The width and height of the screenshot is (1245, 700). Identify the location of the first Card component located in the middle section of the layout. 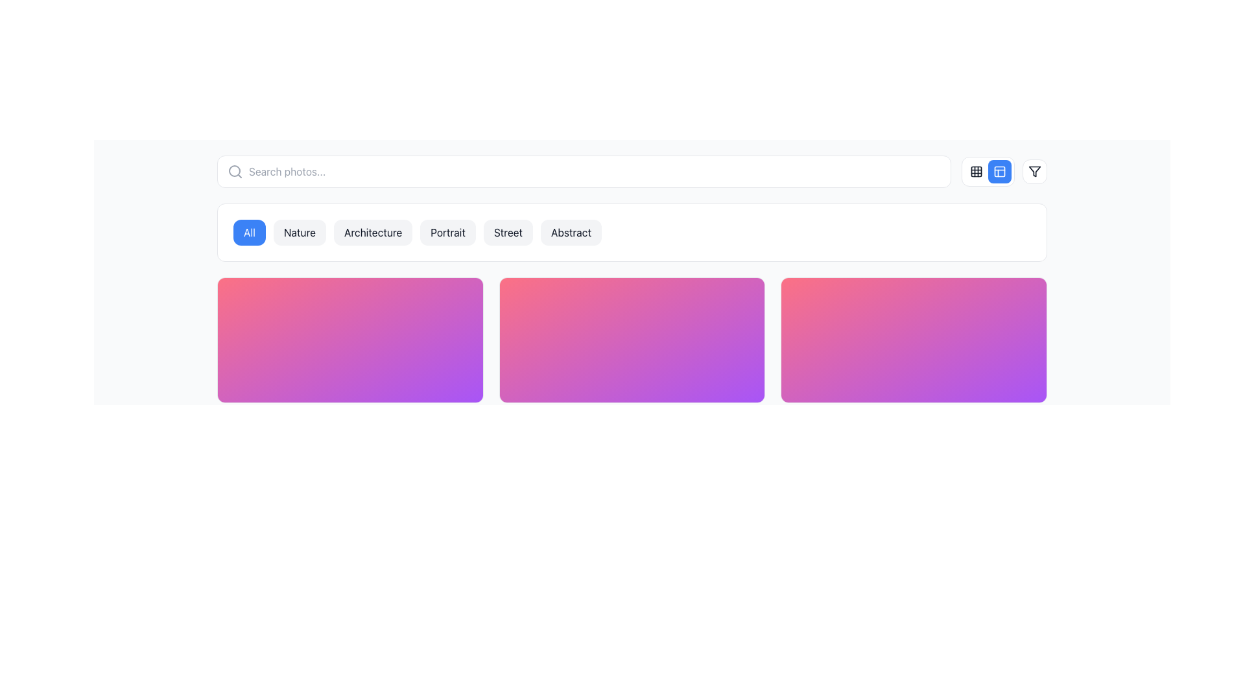
(350, 339).